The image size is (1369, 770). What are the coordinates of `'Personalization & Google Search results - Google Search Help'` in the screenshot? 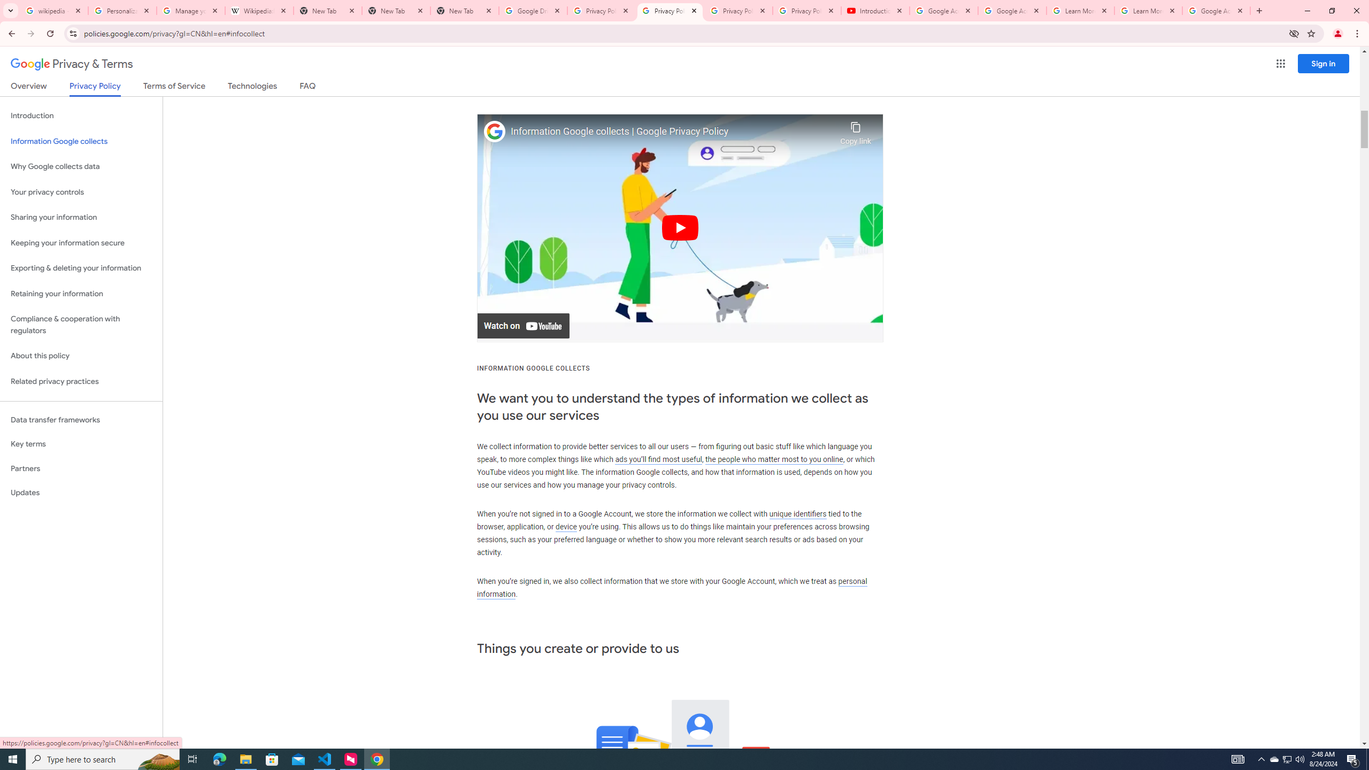 It's located at (122, 10).